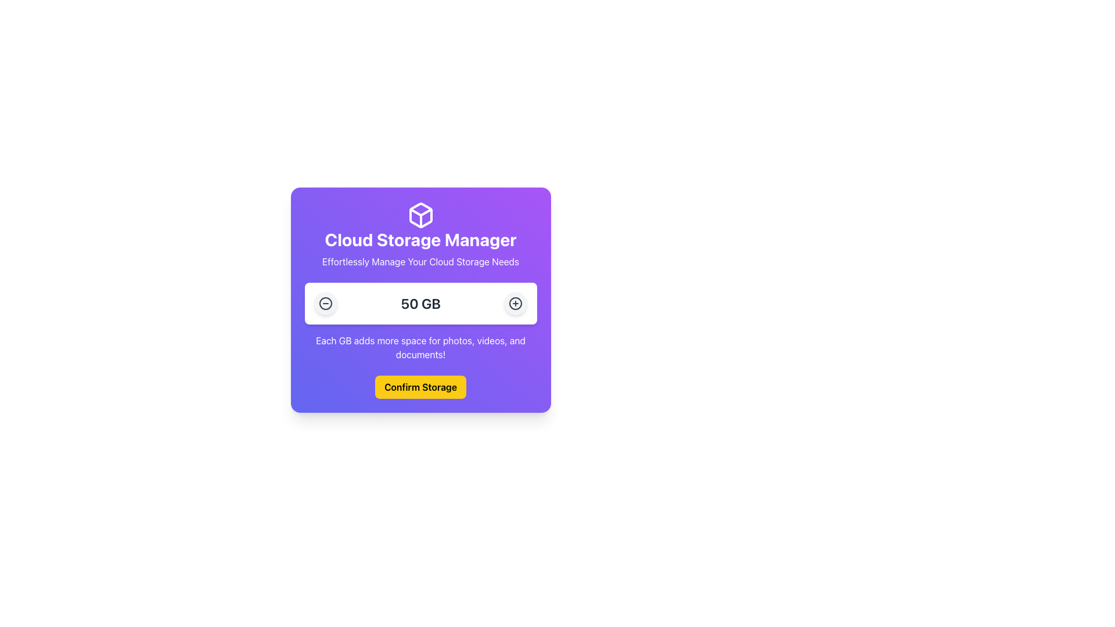 The image size is (1115, 627). What do you see at coordinates (420, 322) in the screenshot?
I see `static informational text located beneath the '50 GB' white box within a gradient purple panel, which clarifies that each additional GB increases storage capacity for photos, videos, and documents` at bounding box center [420, 322].